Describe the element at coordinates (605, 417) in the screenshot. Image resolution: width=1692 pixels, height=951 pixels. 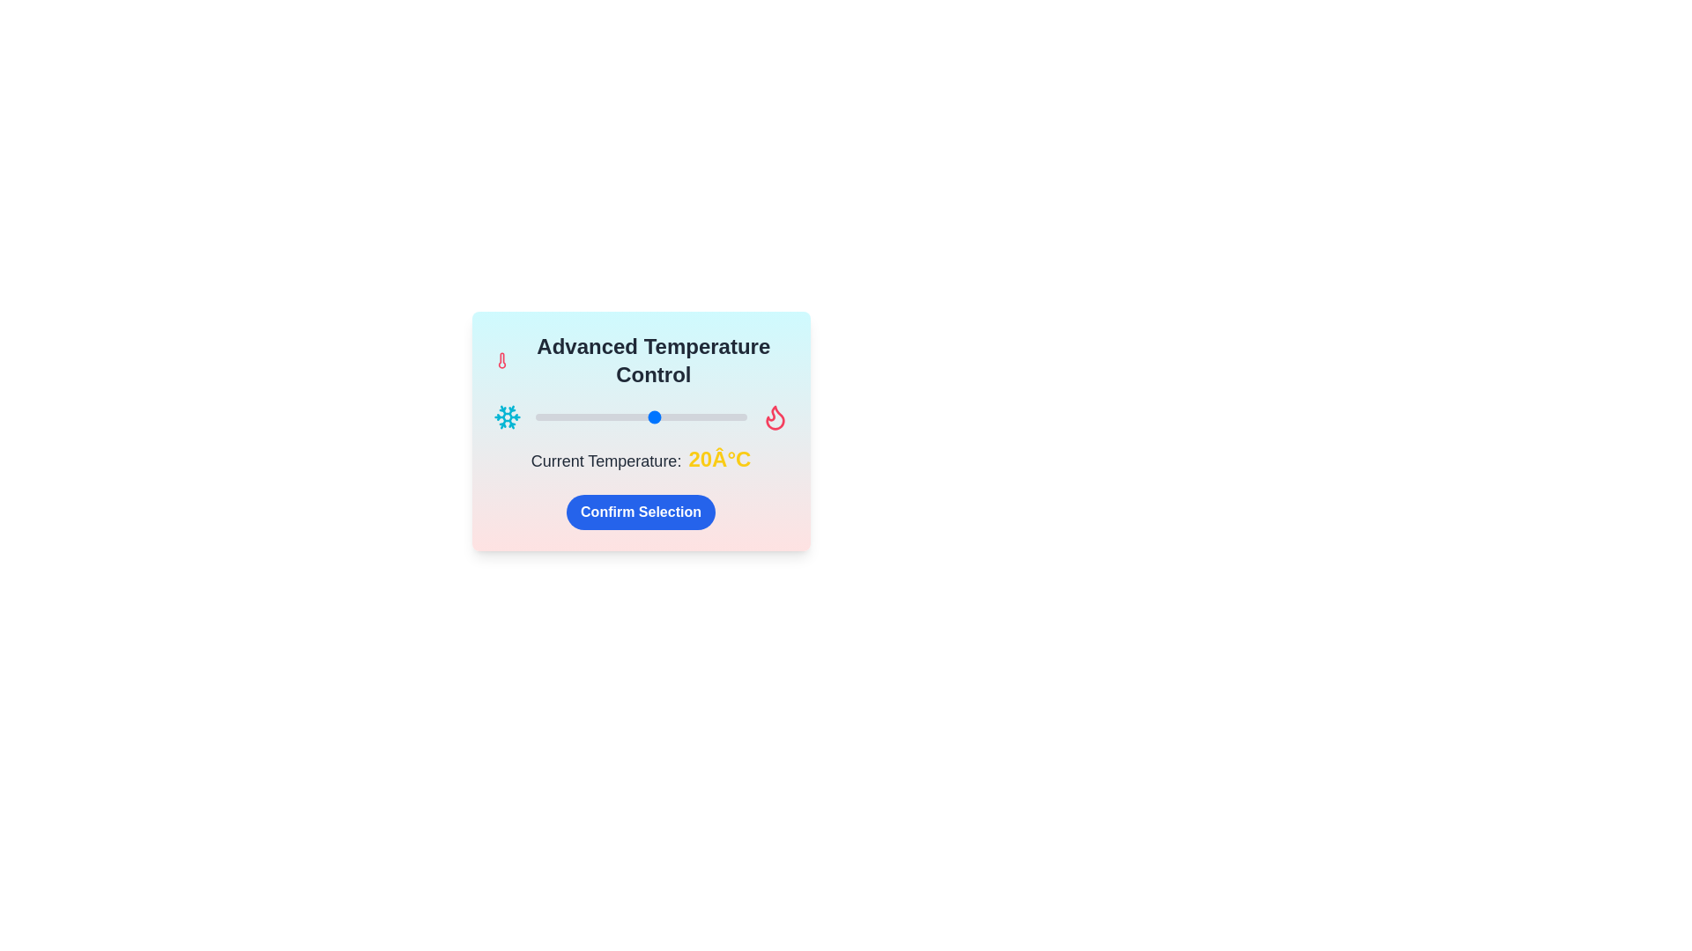
I see `the temperature slider to set the temperature to 3°C` at that location.